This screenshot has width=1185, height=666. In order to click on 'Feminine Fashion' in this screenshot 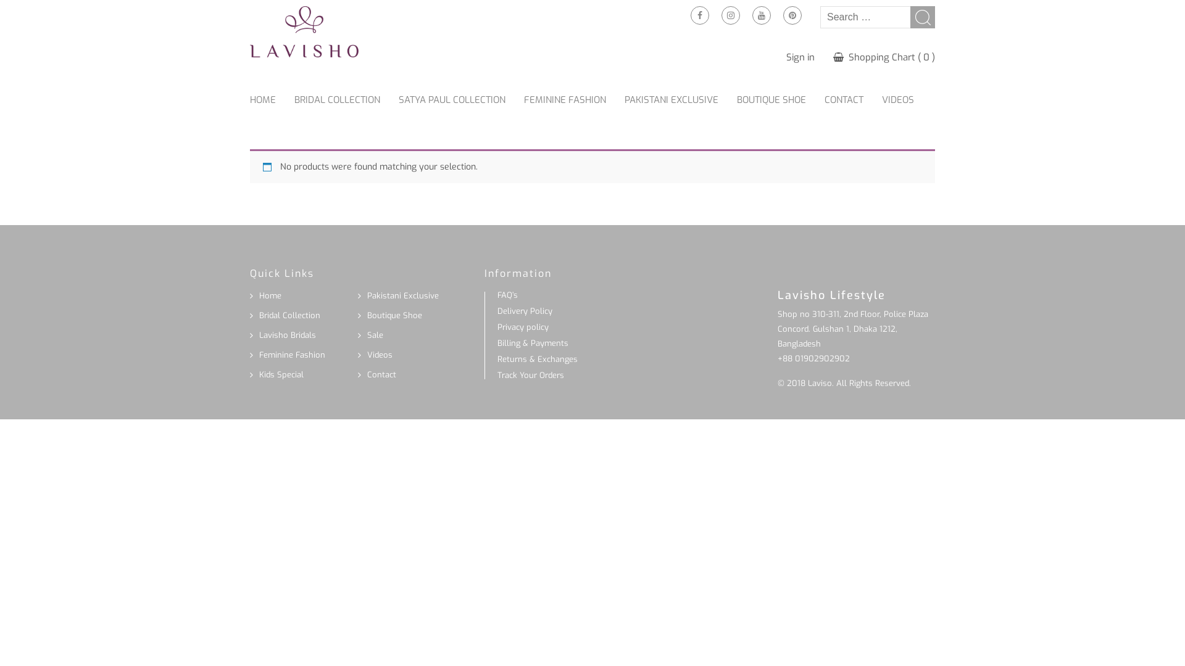, I will do `click(291, 355)`.